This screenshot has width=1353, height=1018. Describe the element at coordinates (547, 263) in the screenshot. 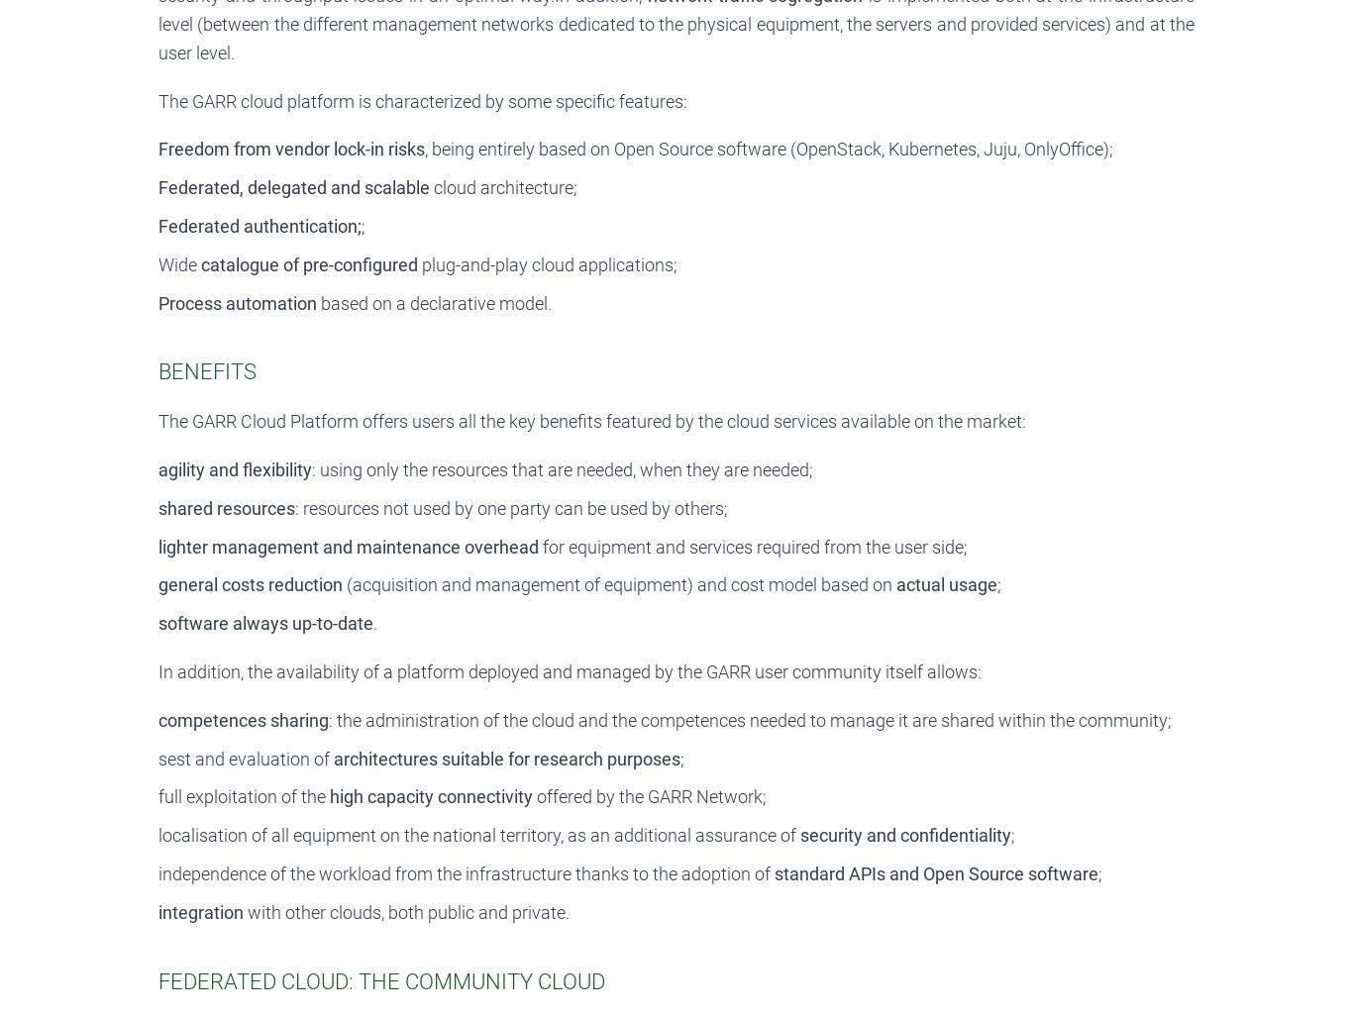

I see `'plug-and-play cloud applications;'` at that location.